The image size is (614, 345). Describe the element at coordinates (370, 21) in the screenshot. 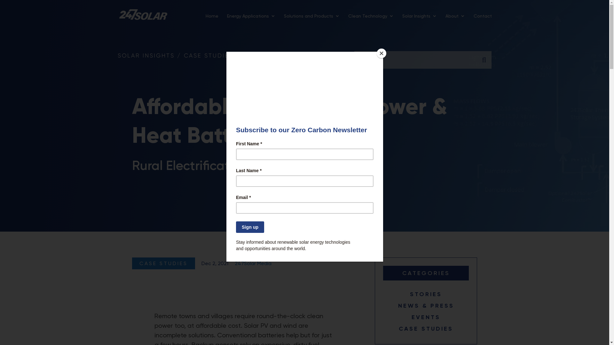

I see `'Clean Technology'` at that location.